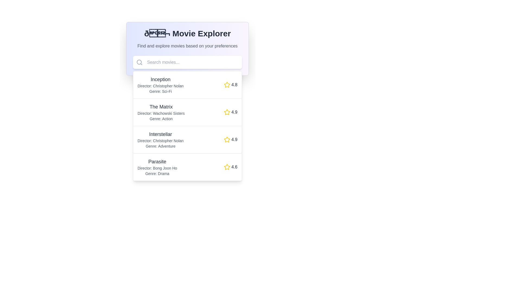  I want to click on the yellow star icon with the text label '4.8' indicating the rating for the movie 'Inception', so click(230, 85).